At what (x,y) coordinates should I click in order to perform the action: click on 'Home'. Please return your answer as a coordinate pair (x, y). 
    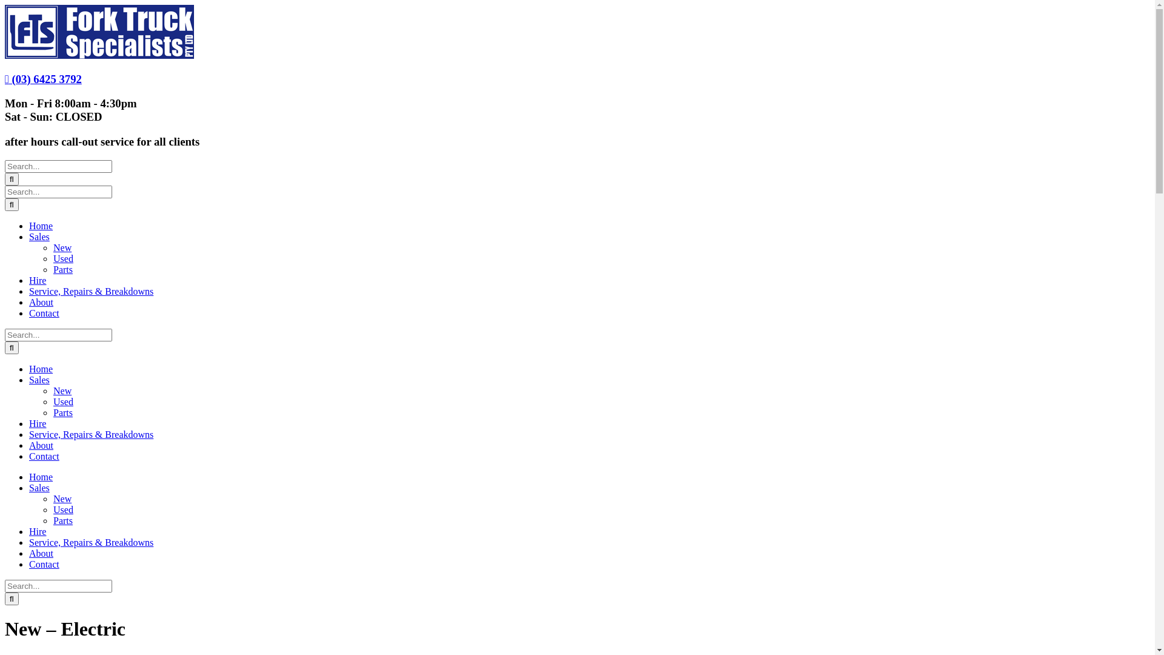
    Looking at the image, I should click on (41, 226).